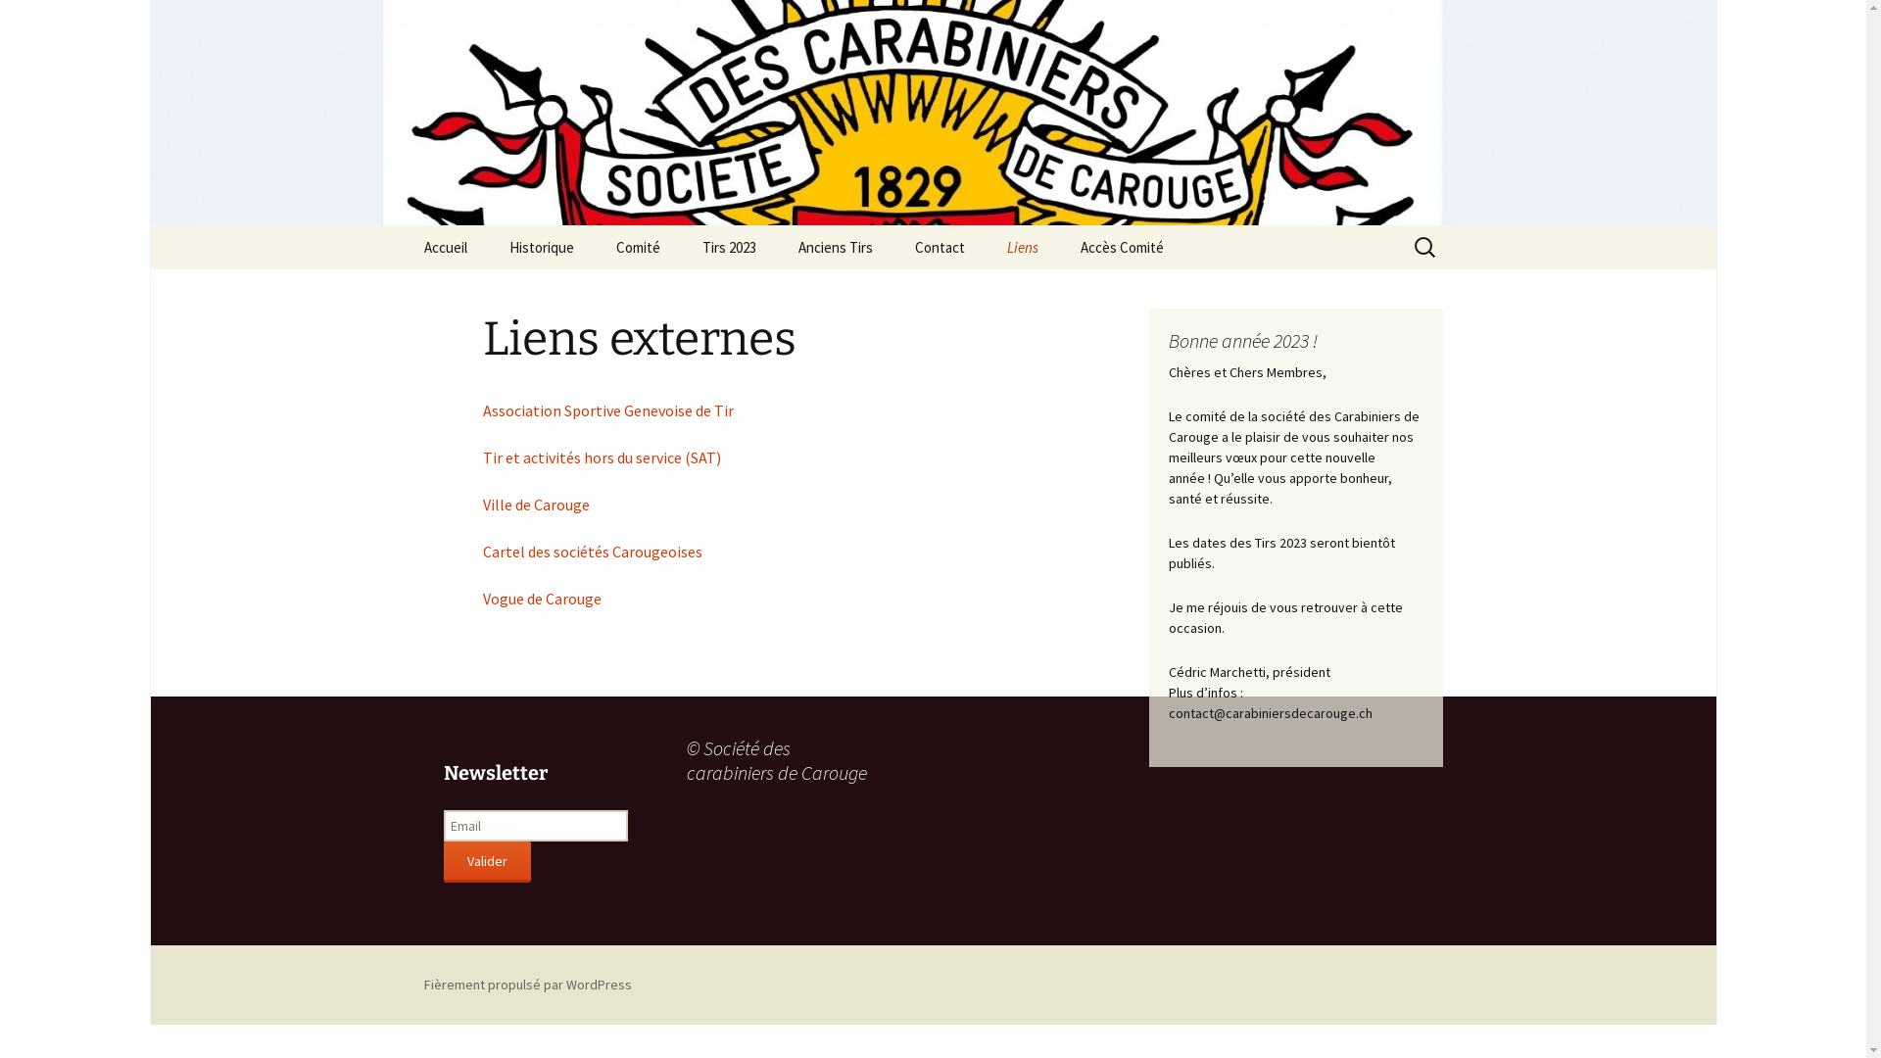  What do you see at coordinates (403, 224) in the screenshot?
I see `'Aller au contenu'` at bounding box center [403, 224].